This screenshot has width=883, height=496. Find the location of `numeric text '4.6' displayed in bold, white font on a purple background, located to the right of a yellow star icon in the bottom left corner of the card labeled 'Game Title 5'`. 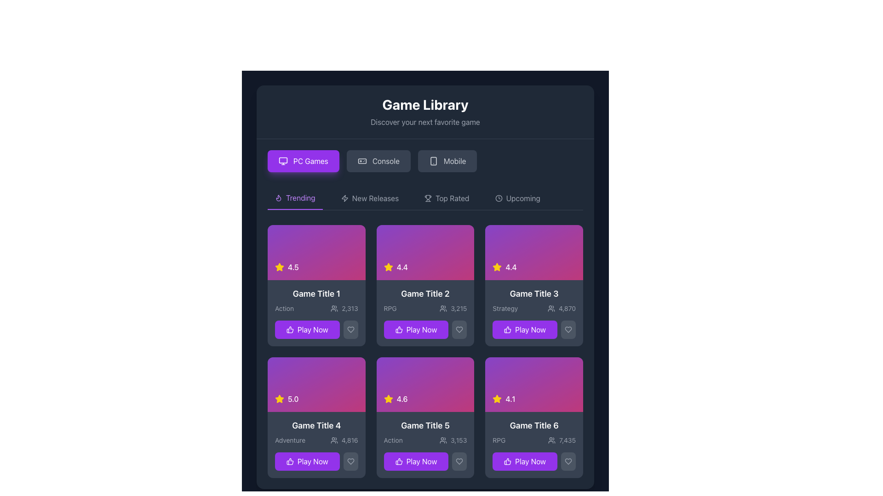

numeric text '4.6' displayed in bold, white font on a purple background, located to the right of a yellow star icon in the bottom left corner of the card labeled 'Game Title 5' is located at coordinates (402, 399).